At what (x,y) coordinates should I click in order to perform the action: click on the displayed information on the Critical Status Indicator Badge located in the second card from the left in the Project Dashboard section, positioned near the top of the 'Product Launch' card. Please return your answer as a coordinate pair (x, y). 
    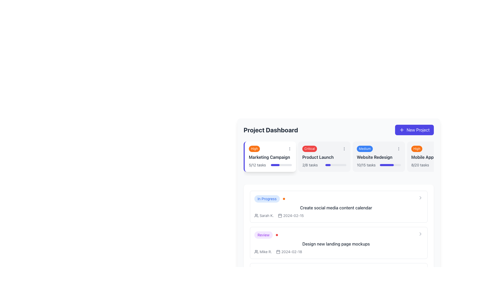
    Looking at the image, I should click on (309, 149).